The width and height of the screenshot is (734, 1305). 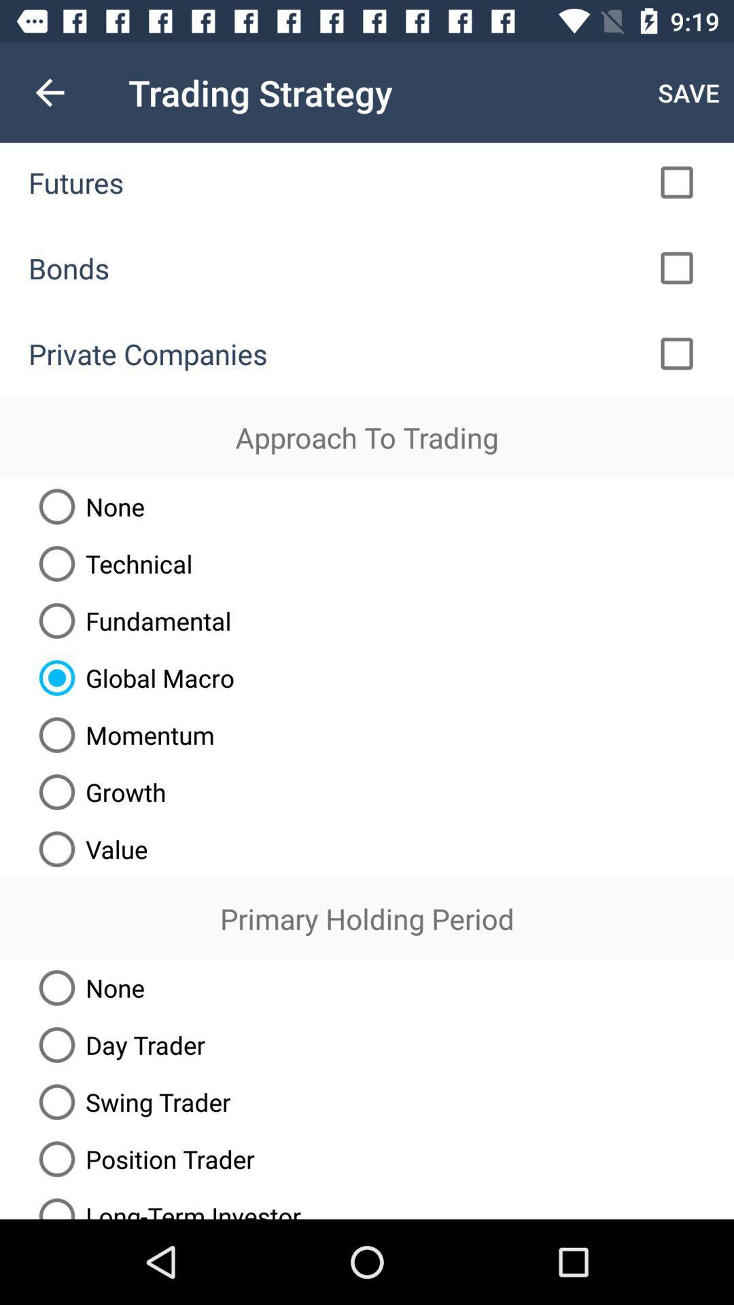 What do you see at coordinates (116, 1044) in the screenshot?
I see `icon below none item` at bounding box center [116, 1044].